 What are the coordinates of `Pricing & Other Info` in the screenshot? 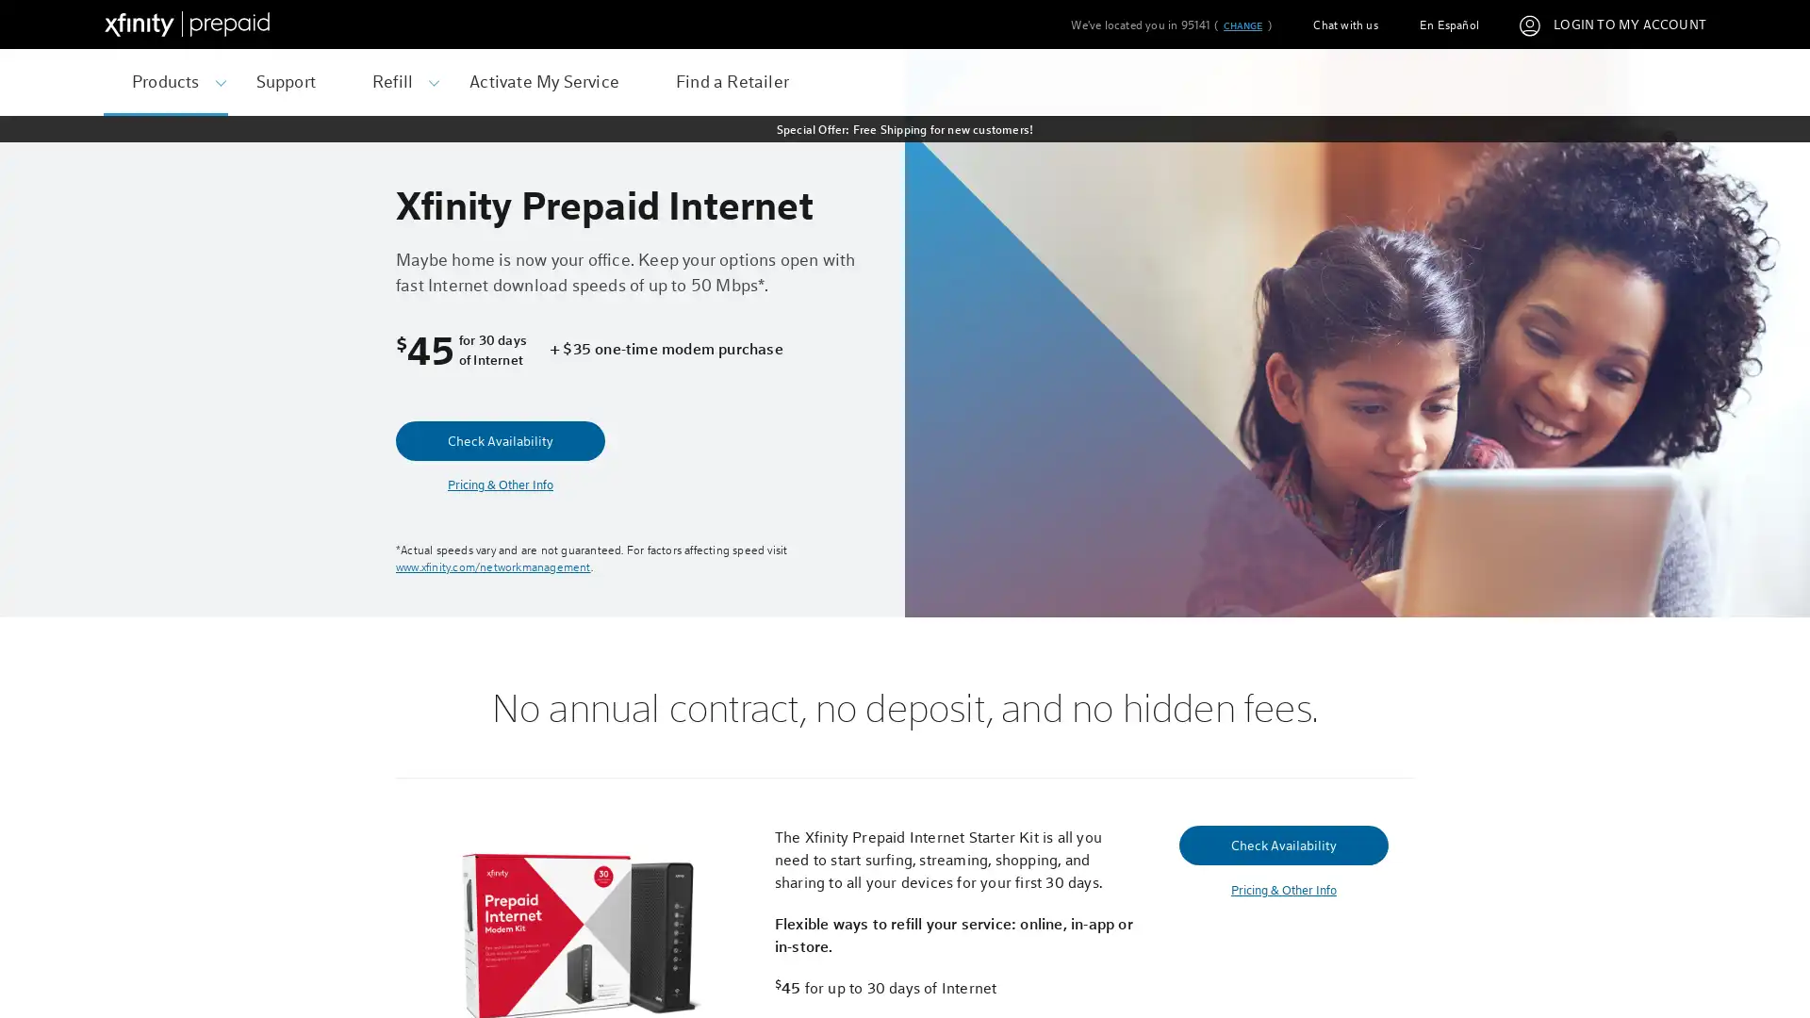 It's located at (1282, 890).